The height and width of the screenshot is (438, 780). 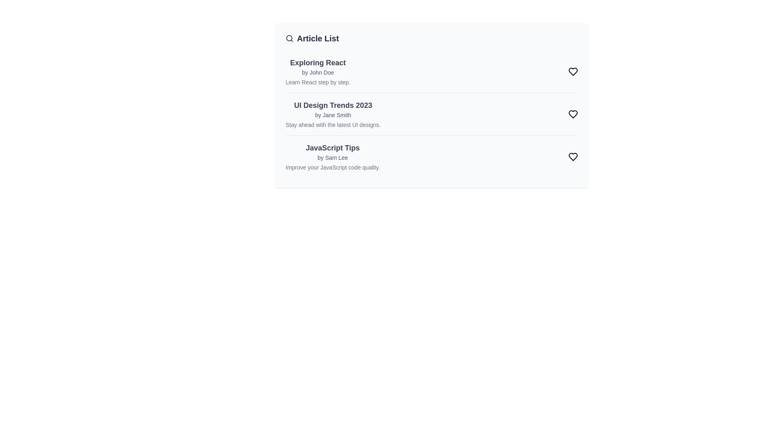 What do you see at coordinates (317, 72) in the screenshot?
I see `the author's name to view their details` at bounding box center [317, 72].